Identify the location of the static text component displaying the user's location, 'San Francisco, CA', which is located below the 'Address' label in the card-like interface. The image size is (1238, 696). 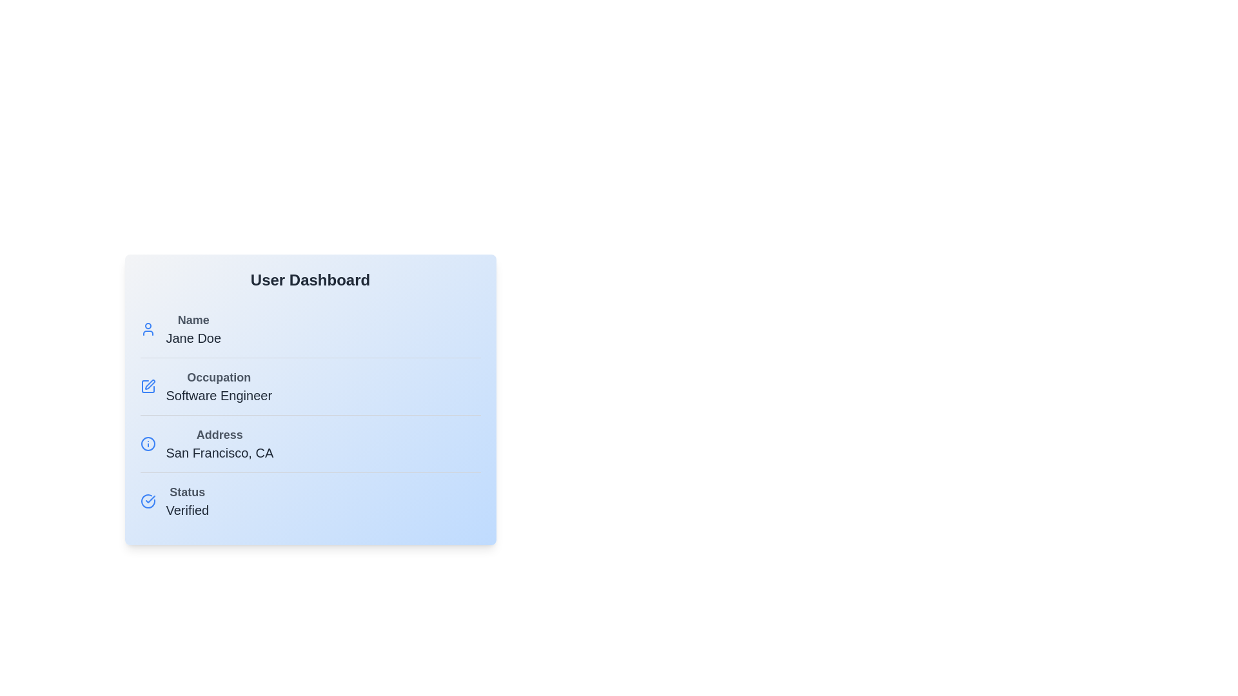
(219, 452).